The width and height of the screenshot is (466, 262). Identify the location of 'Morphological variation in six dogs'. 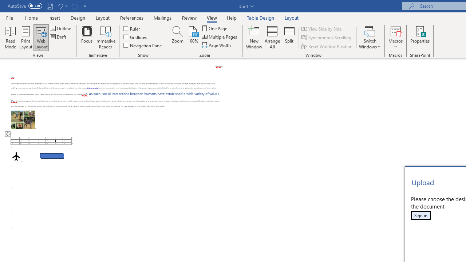
(23, 119).